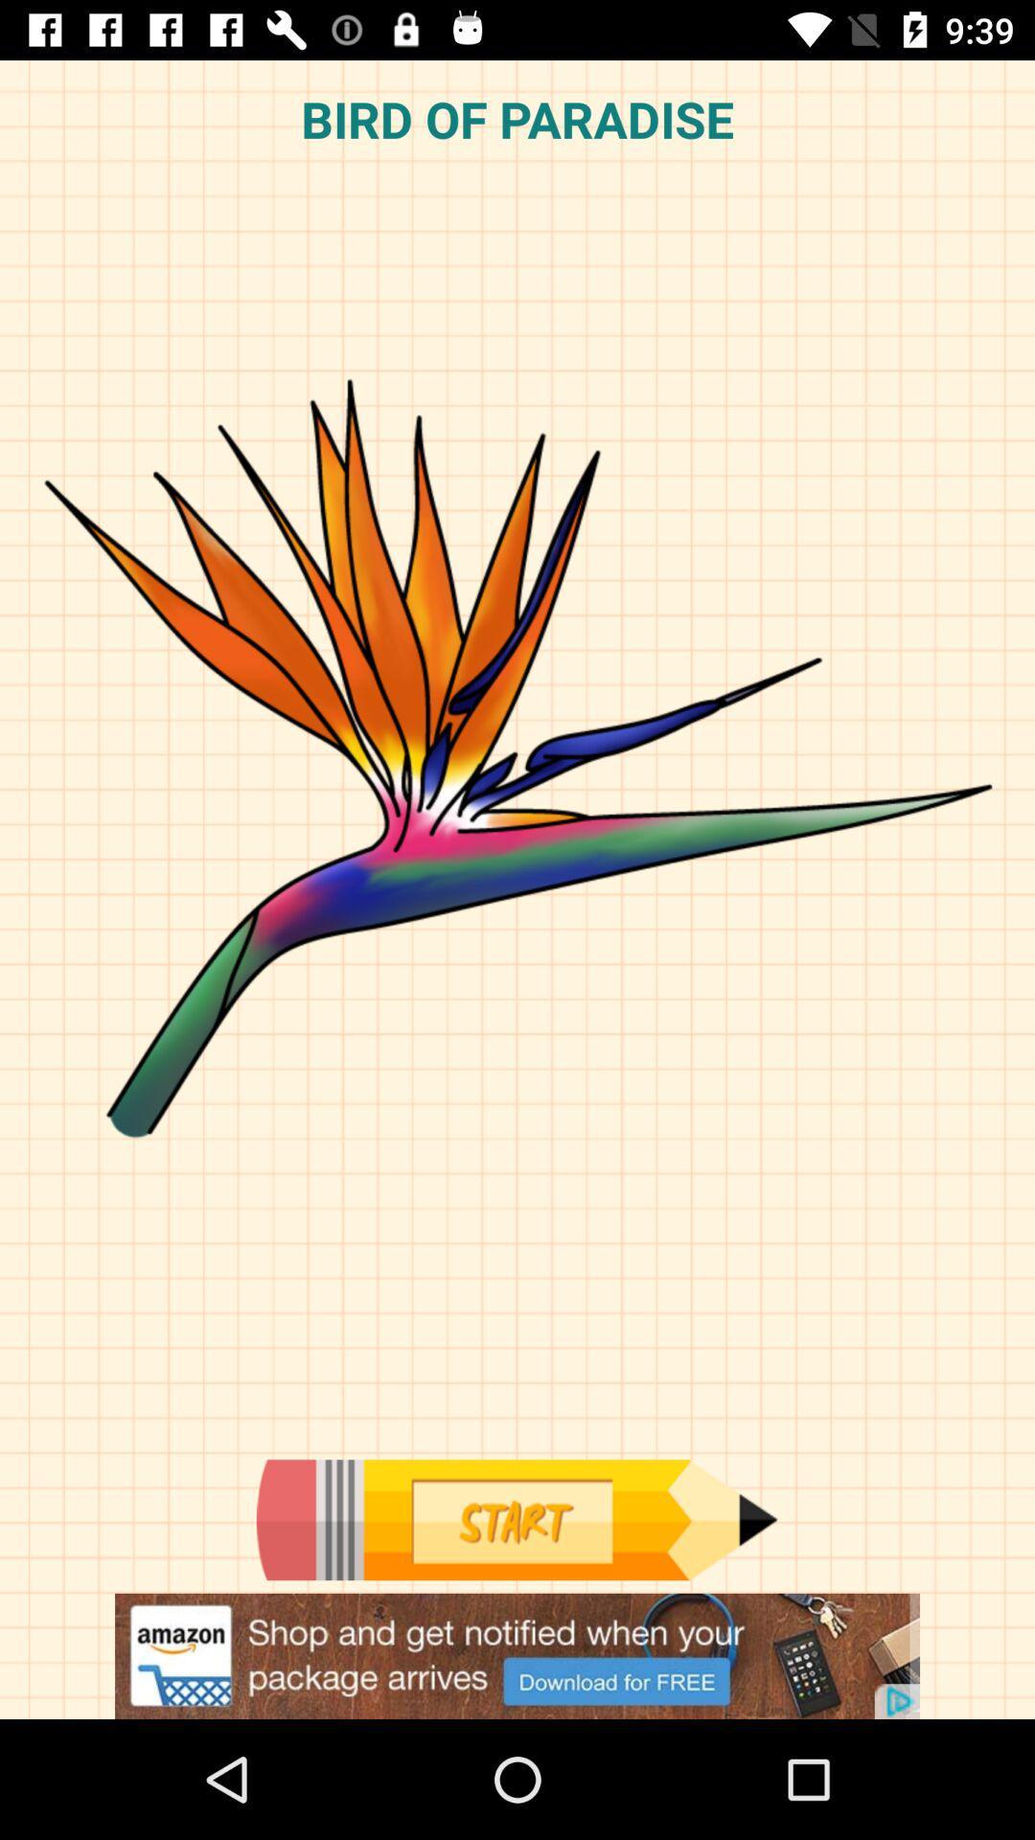  I want to click on start application, so click(516, 1519).